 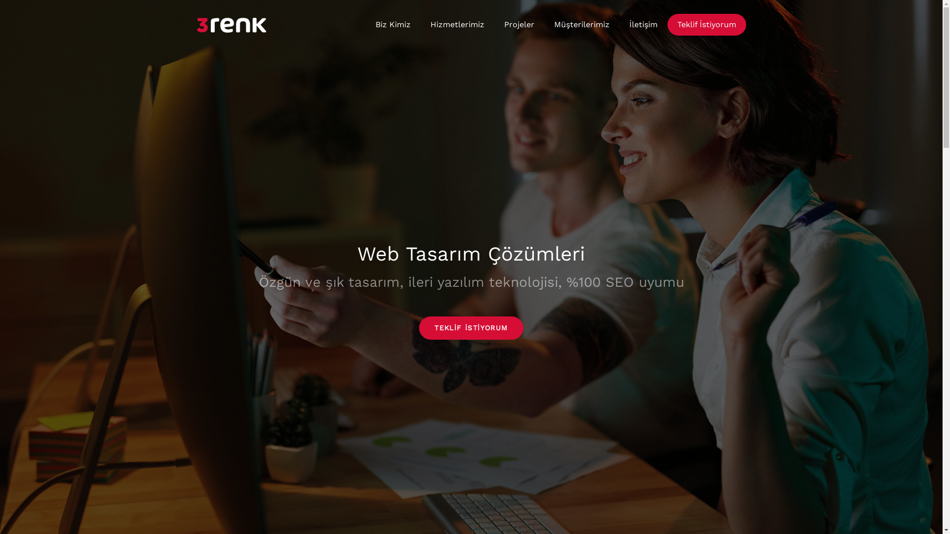 I want to click on 'Hizmetlerimiz', so click(x=420, y=24).